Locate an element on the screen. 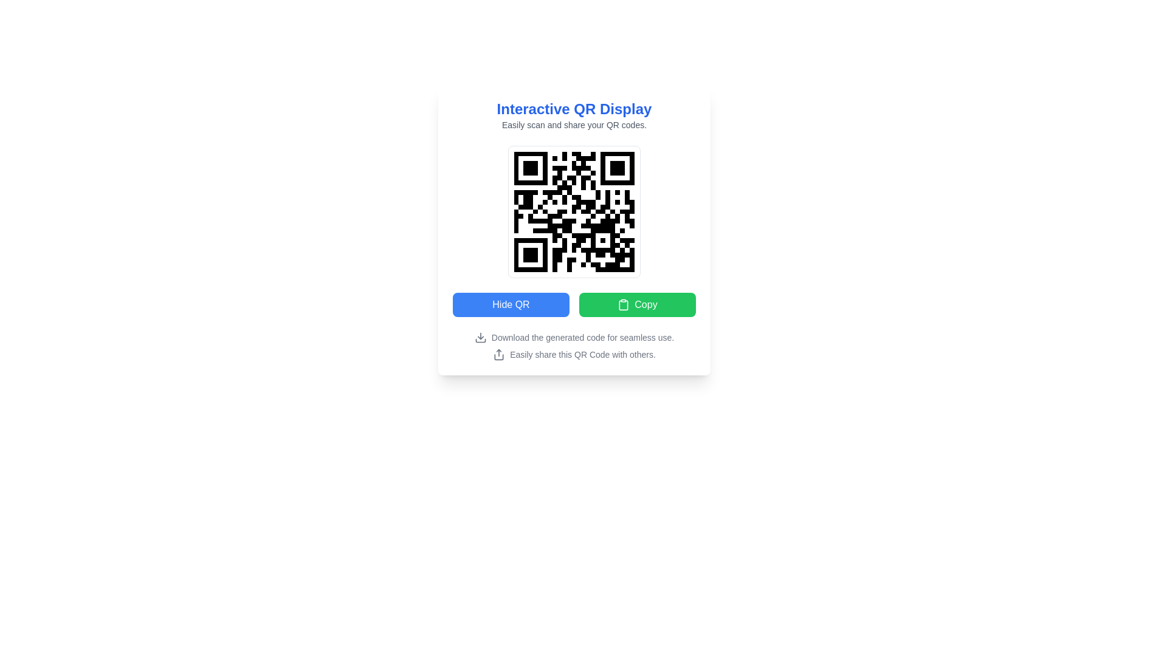  the clipboard icon within the green 'Copy' button, which is located to the right of the blue 'Hide QR' button is located at coordinates (624, 304).